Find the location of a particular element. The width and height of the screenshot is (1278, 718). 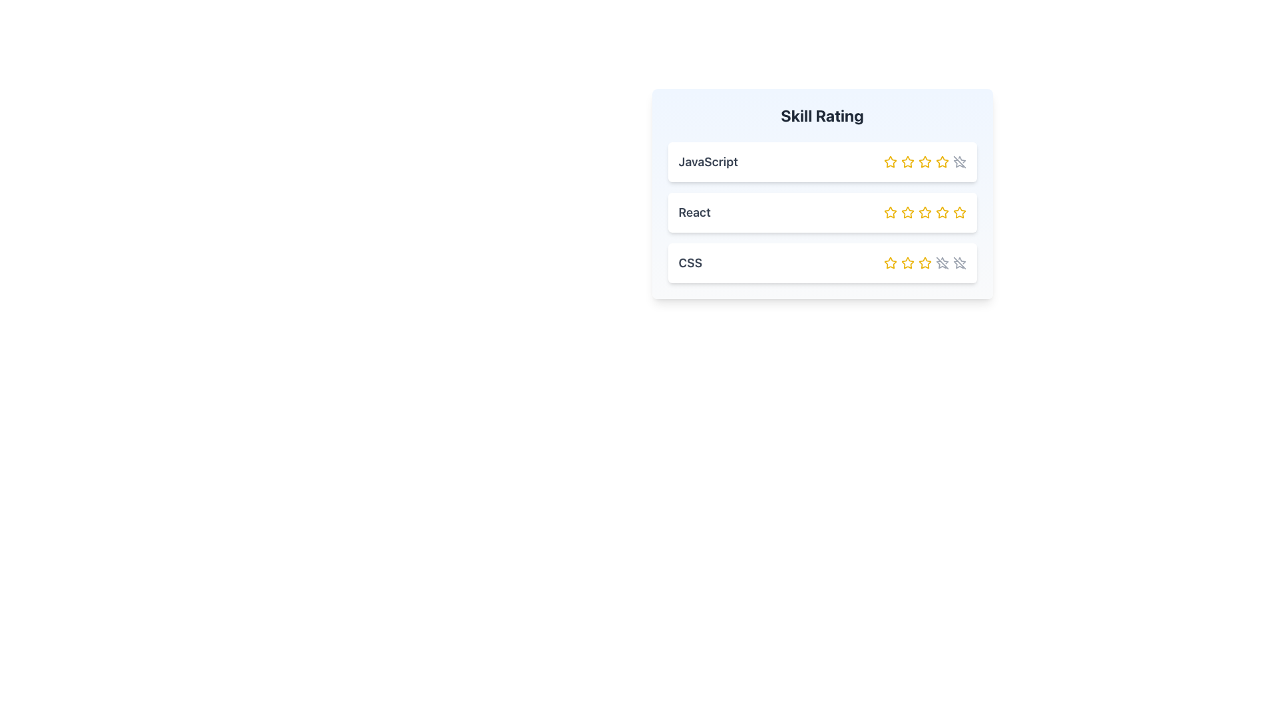

the dimmed star icon with a strike-through mark, which is the third star in the CSS skill rating system, to rate it is located at coordinates (940, 265).